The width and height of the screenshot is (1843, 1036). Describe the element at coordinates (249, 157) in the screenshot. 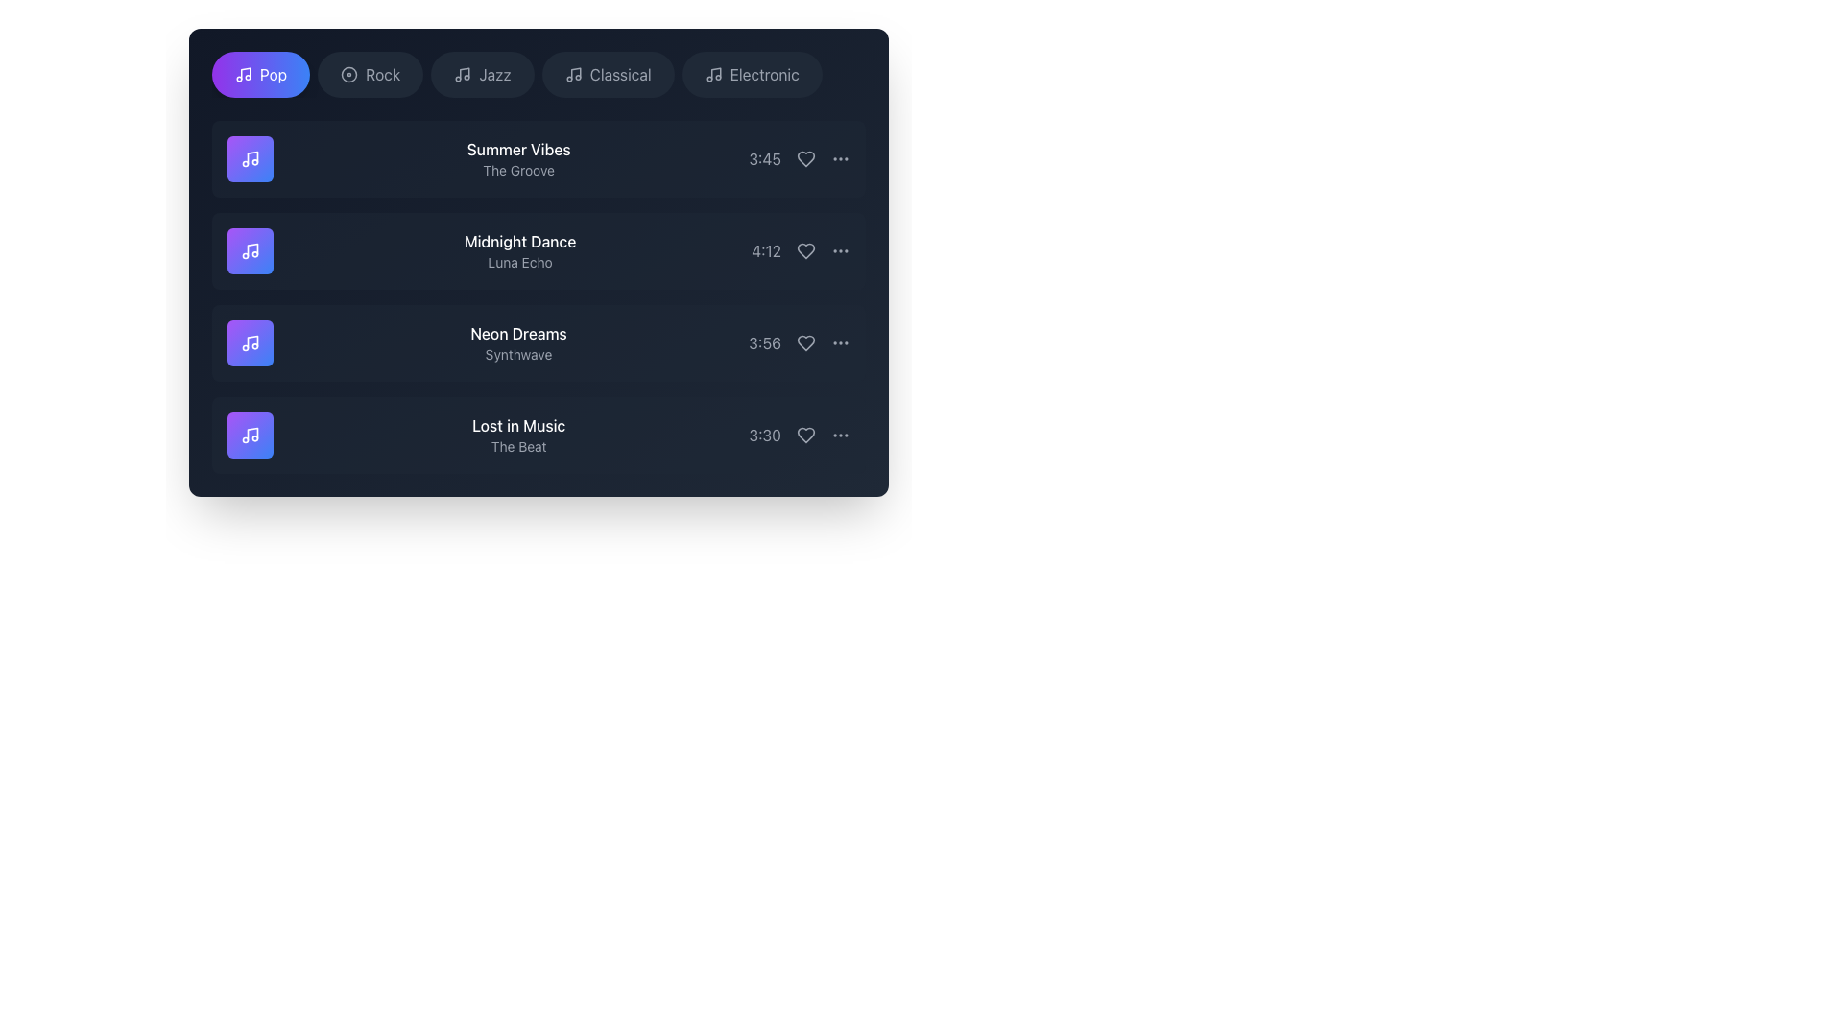

I see `the musical note icon located within the topmost 'Summer Vibes' button in the vertical list` at that location.